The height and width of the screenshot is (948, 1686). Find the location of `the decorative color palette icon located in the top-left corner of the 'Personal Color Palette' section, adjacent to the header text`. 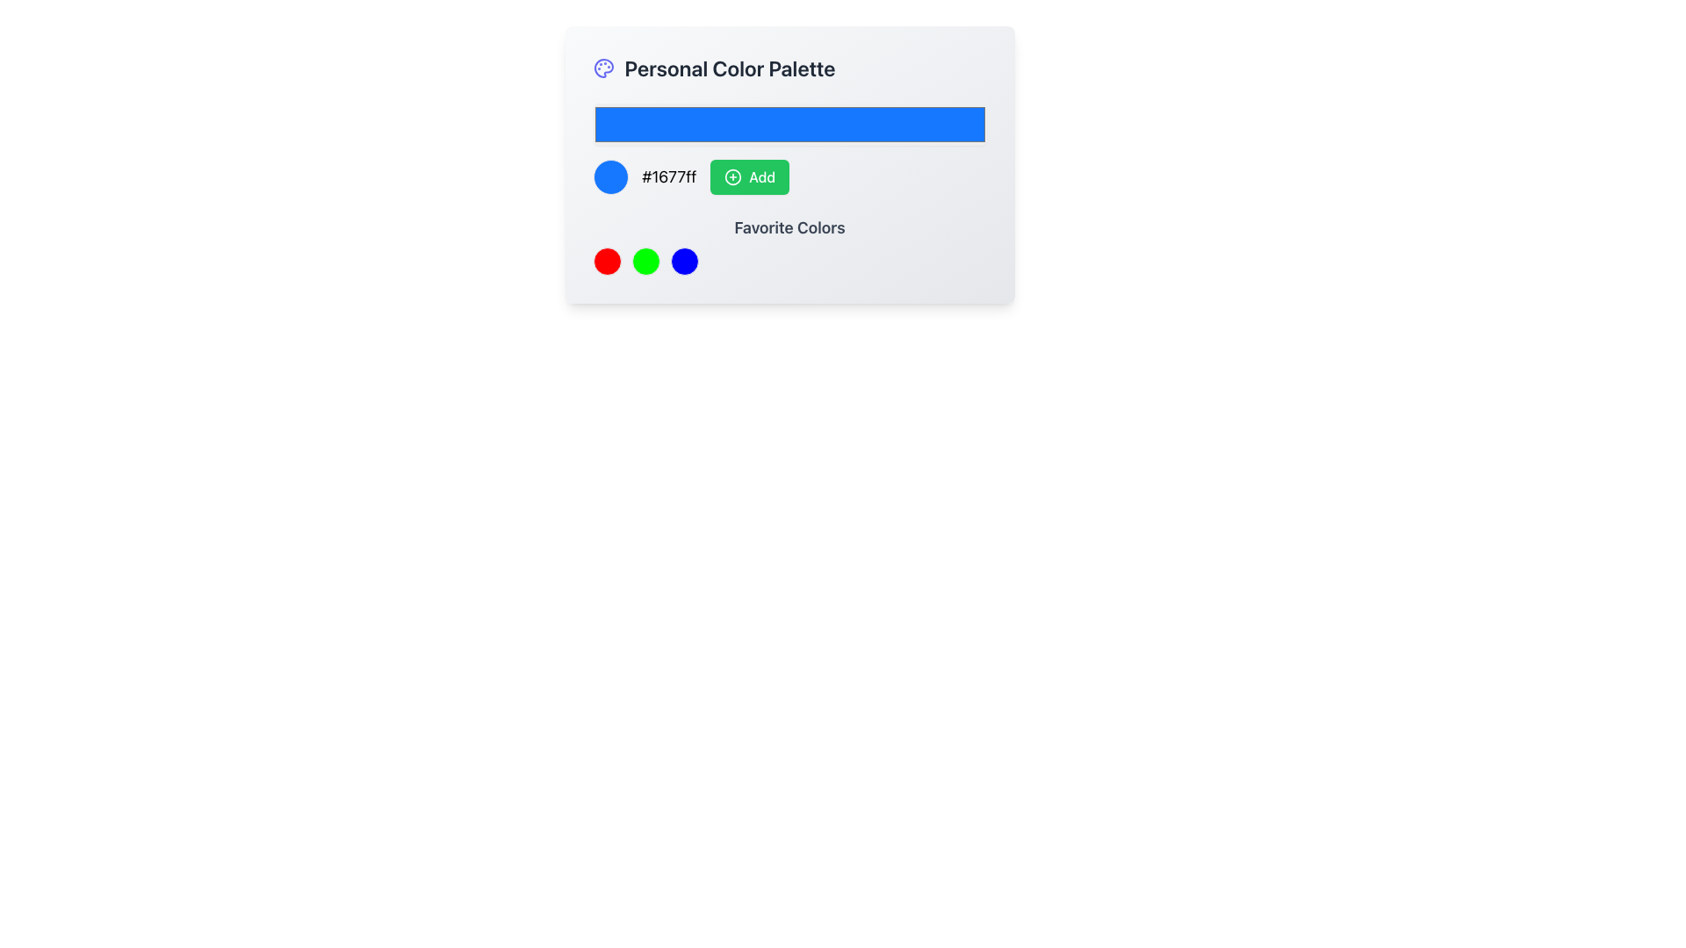

the decorative color palette icon located in the top-left corner of the 'Personal Color Palette' section, adjacent to the header text is located at coordinates (603, 67).